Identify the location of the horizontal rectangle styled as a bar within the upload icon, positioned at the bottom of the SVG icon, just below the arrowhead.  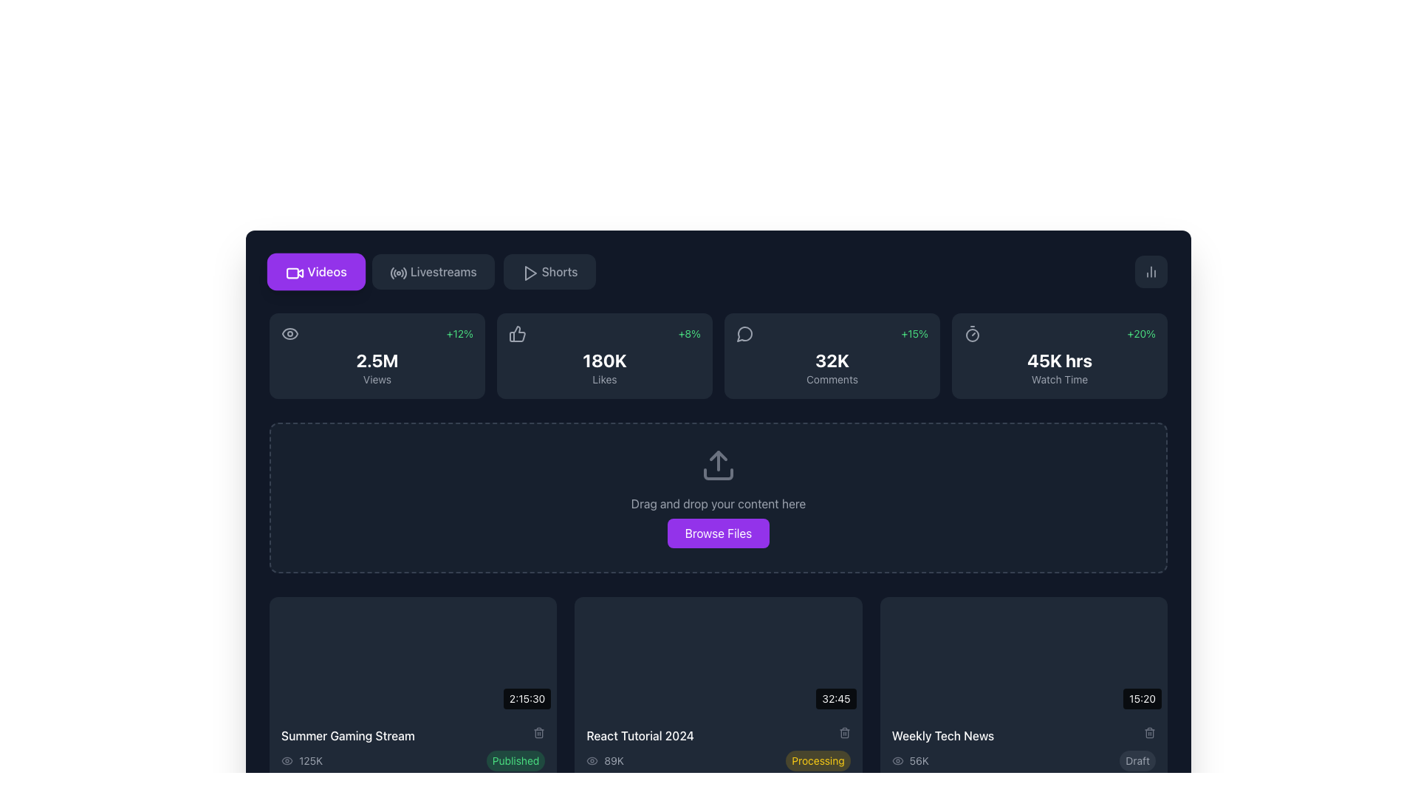
(719, 474).